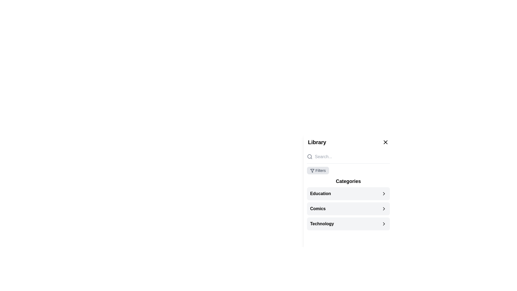 This screenshot has height=291, width=517. I want to click on the filter icon located inside the 'Filters' button, which is positioned as the leftmost subcomponent adjacent to the text label, so click(312, 171).